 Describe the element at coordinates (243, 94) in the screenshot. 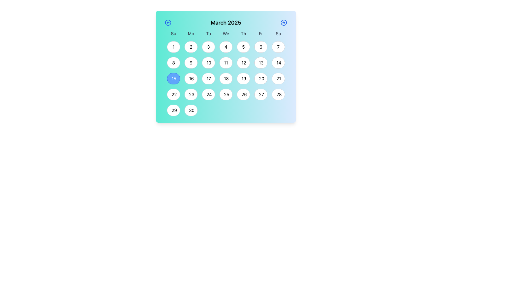

I see `the circular button displaying '26' located` at that location.